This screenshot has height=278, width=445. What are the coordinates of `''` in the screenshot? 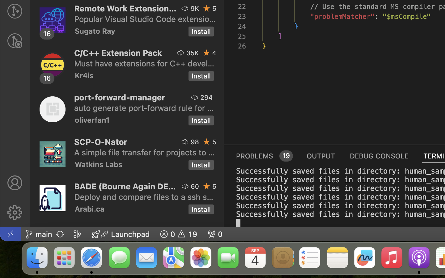 It's located at (14, 183).